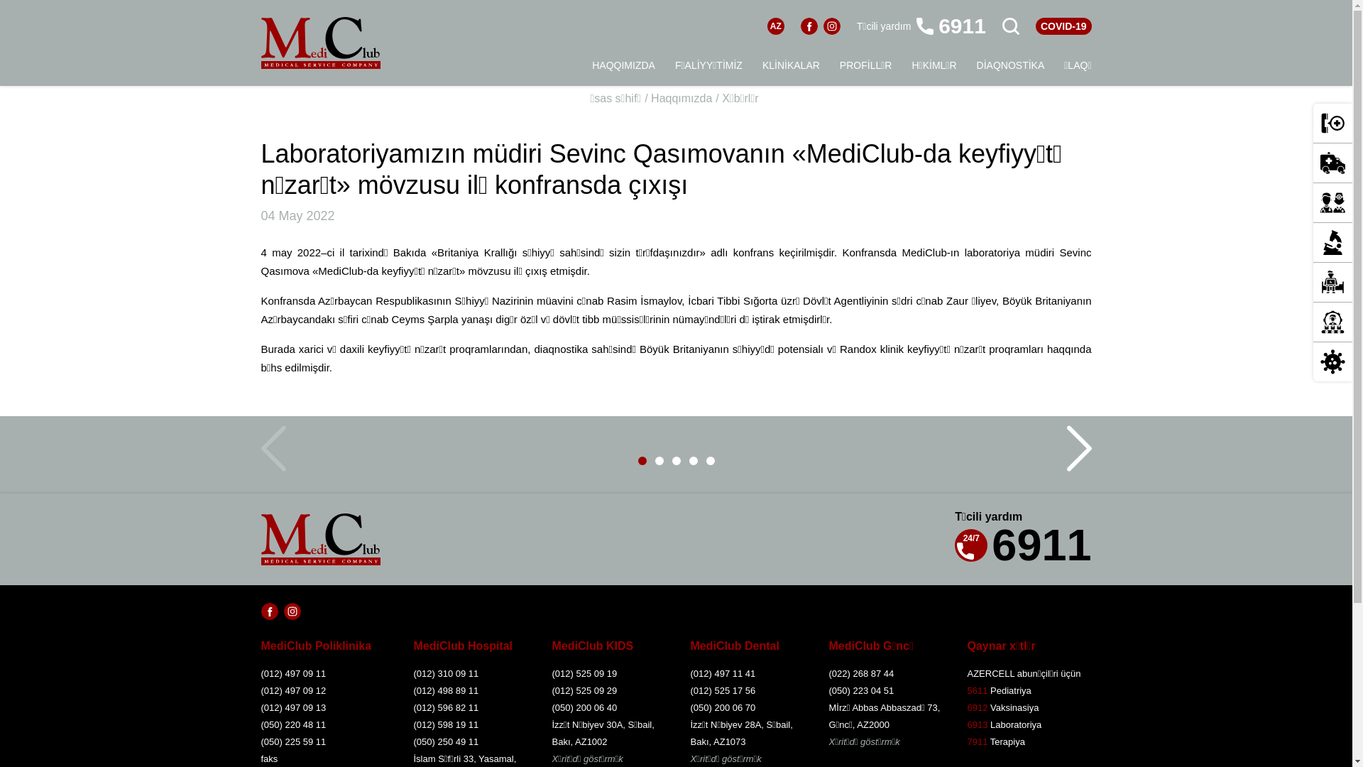 The image size is (1363, 767). Describe the element at coordinates (623, 65) in the screenshot. I see `'HAQQIMIZDA'` at that location.